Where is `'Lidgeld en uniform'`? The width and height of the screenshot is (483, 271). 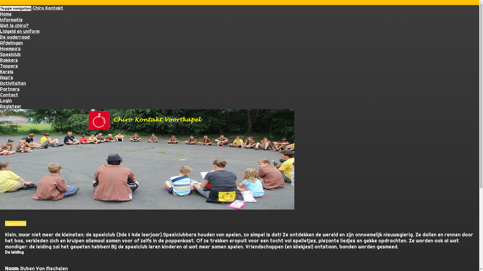
'Lidgeld en uniform' is located at coordinates (0, 31).